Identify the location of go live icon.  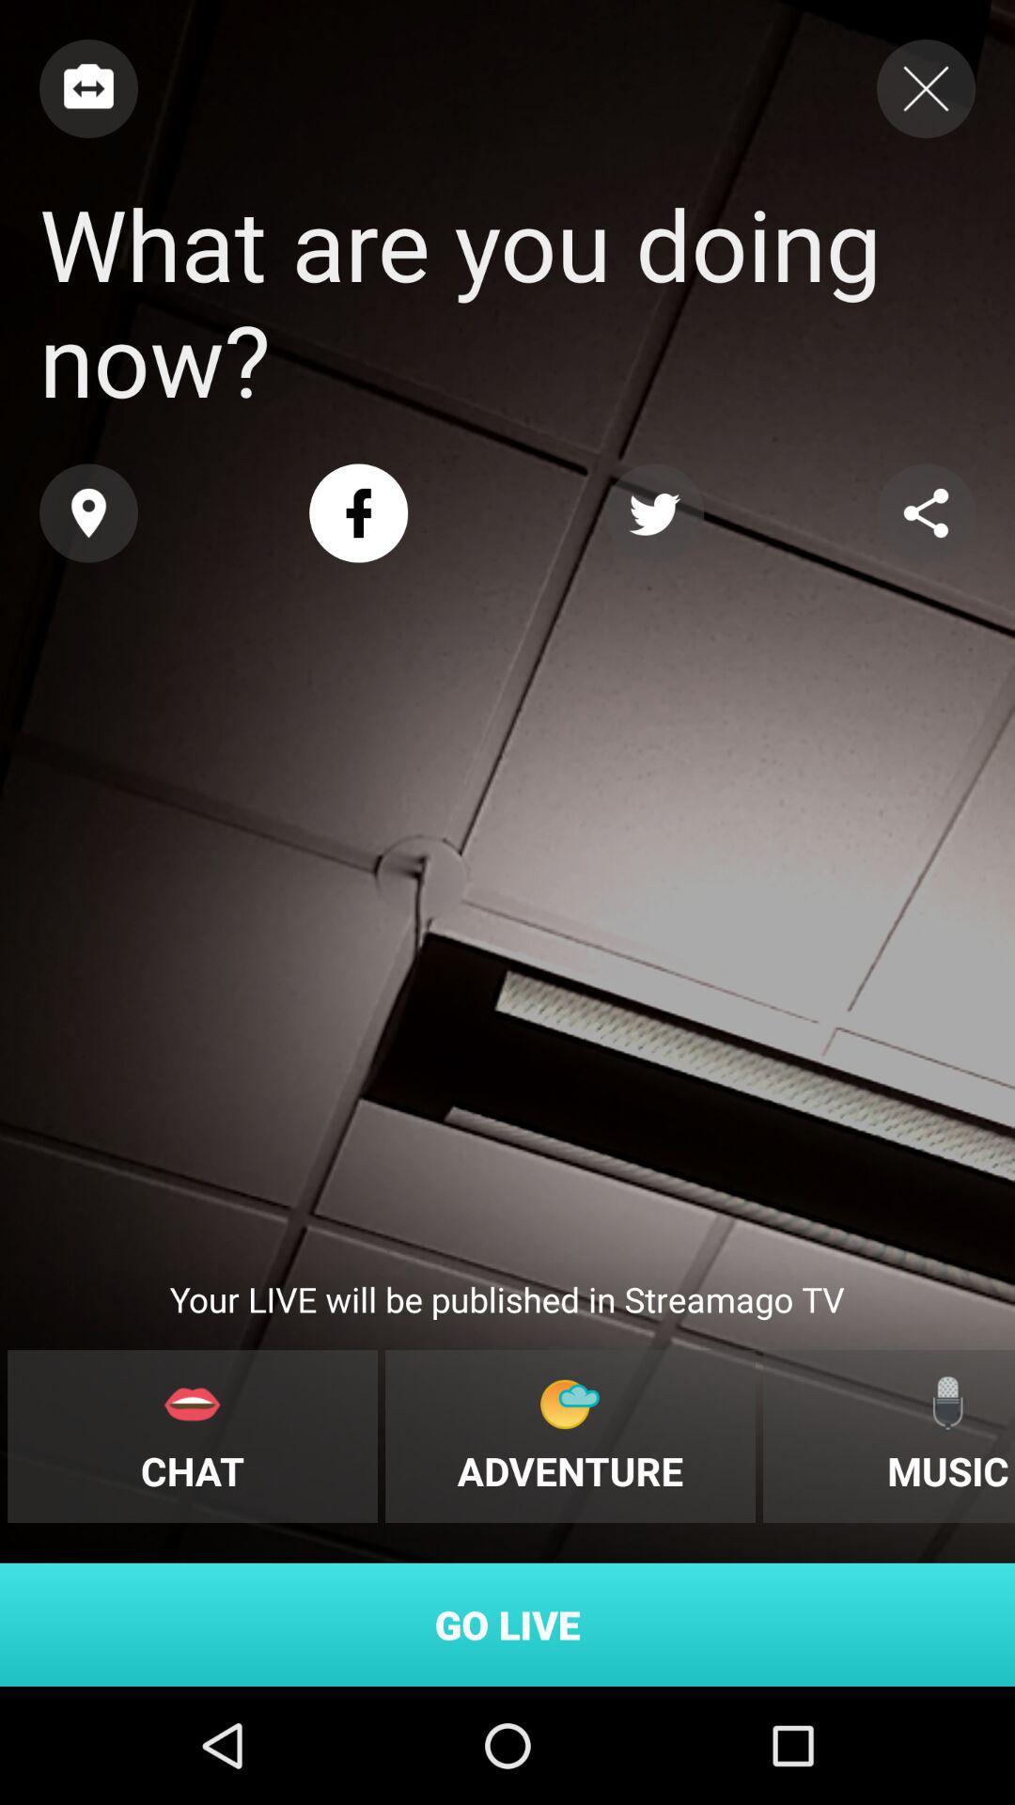
(507, 1624).